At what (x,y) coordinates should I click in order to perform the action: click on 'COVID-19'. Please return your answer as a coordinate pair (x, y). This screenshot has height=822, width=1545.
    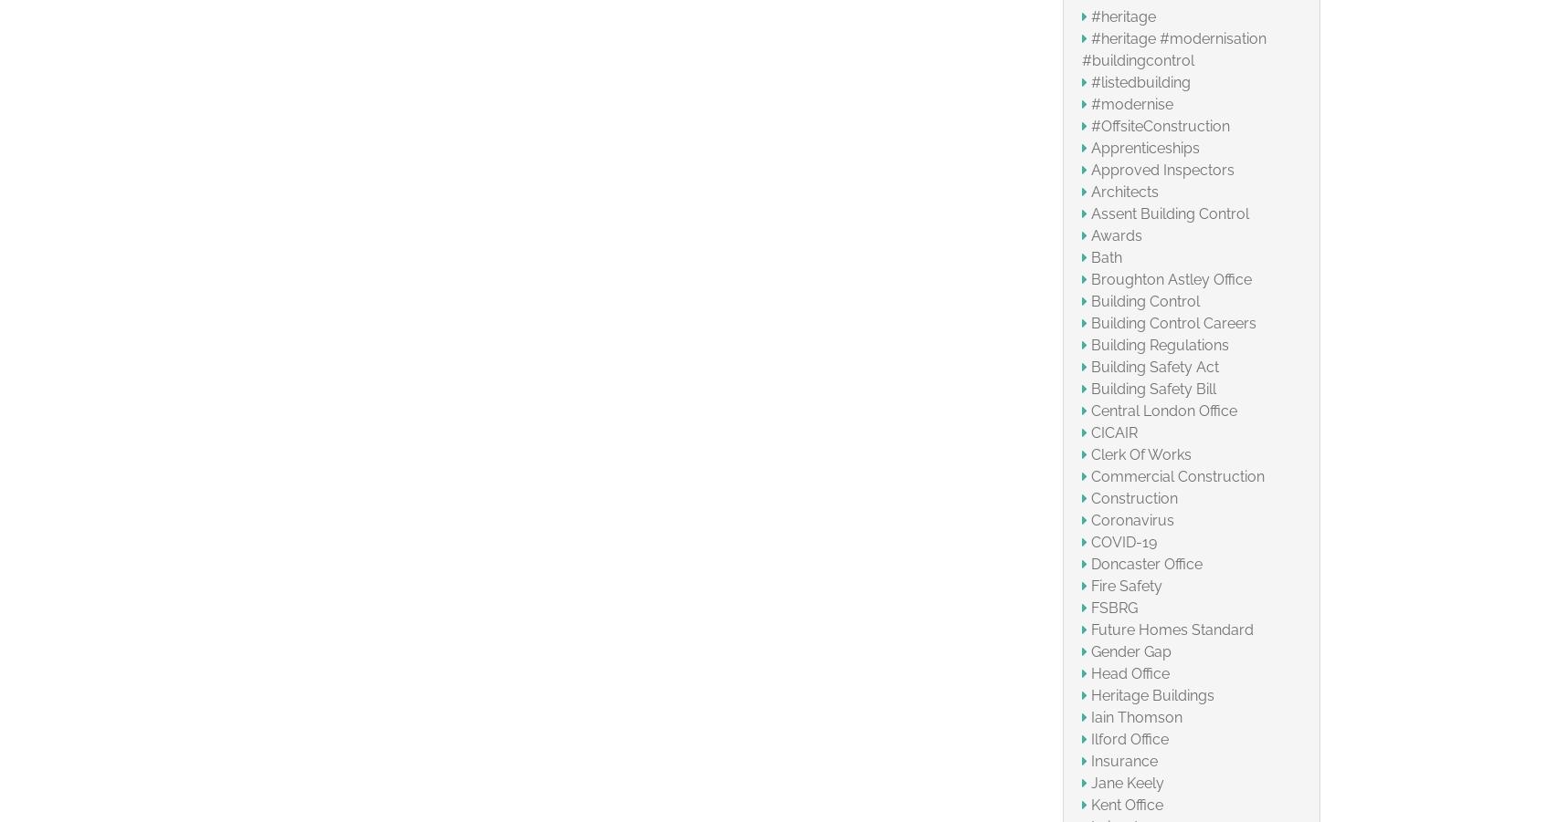
    Looking at the image, I should click on (1123, 540).